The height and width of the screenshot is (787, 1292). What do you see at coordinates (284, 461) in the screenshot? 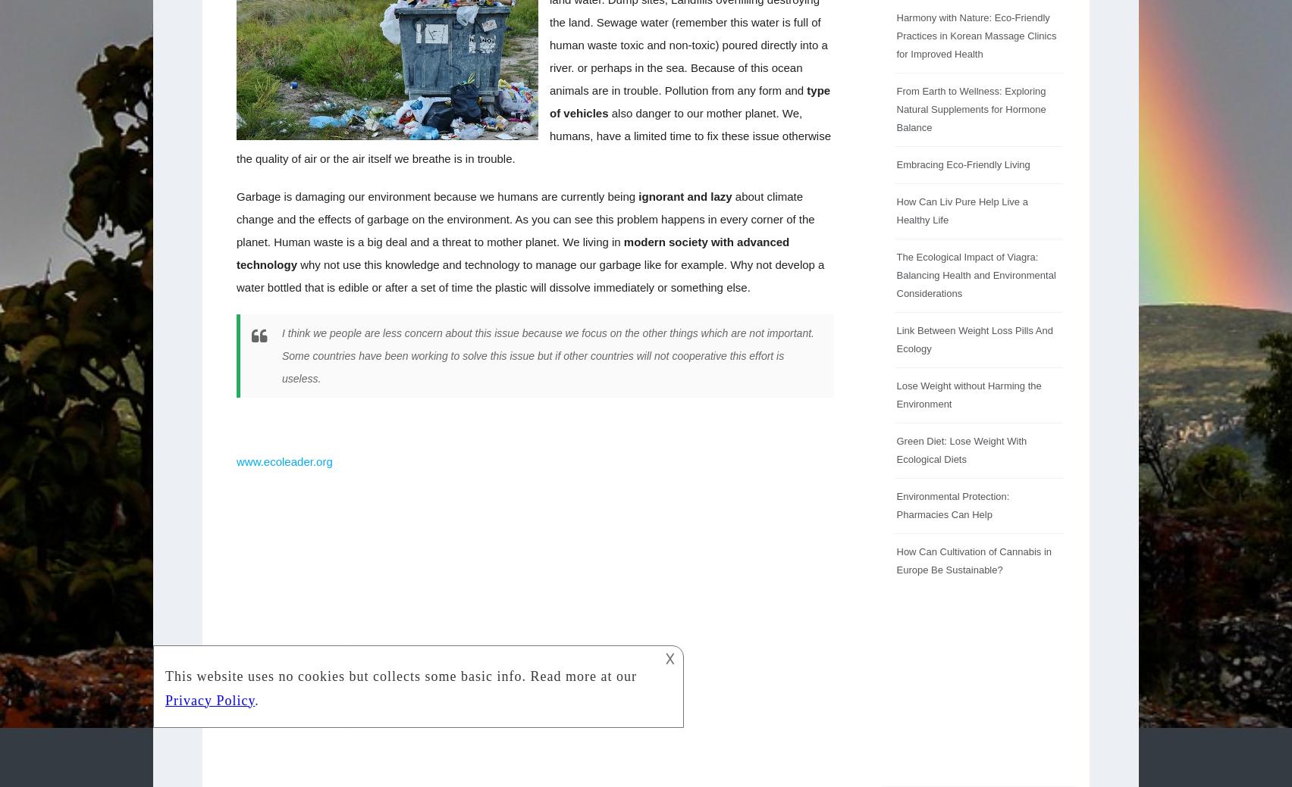
I see `'www.ecoleader.org'` at bounding box center [284, 461].